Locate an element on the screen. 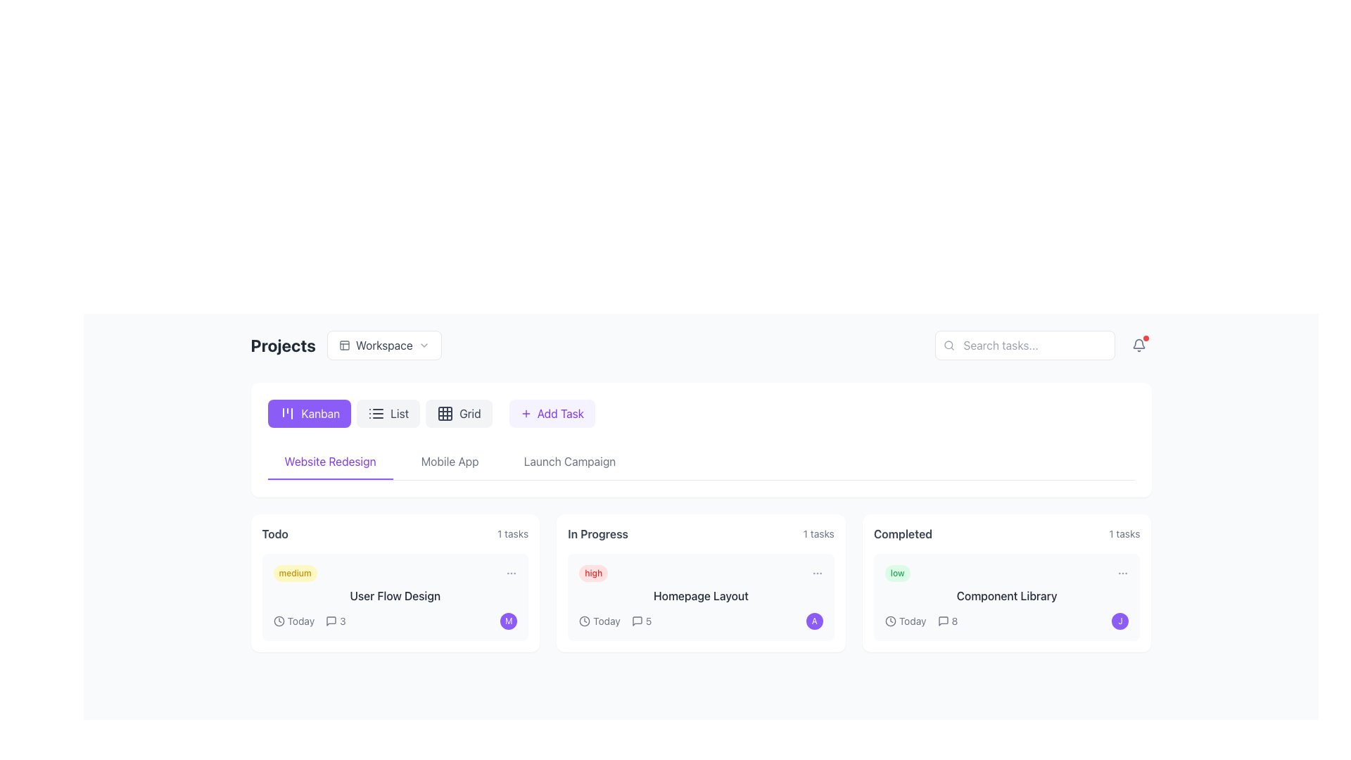 The image size is (1351, 760). the text label indicating the number of tasks in the 'In Progress' section, which is located at the top-right corner of the 'In Progress' card section is located at coordinates (818, 534).